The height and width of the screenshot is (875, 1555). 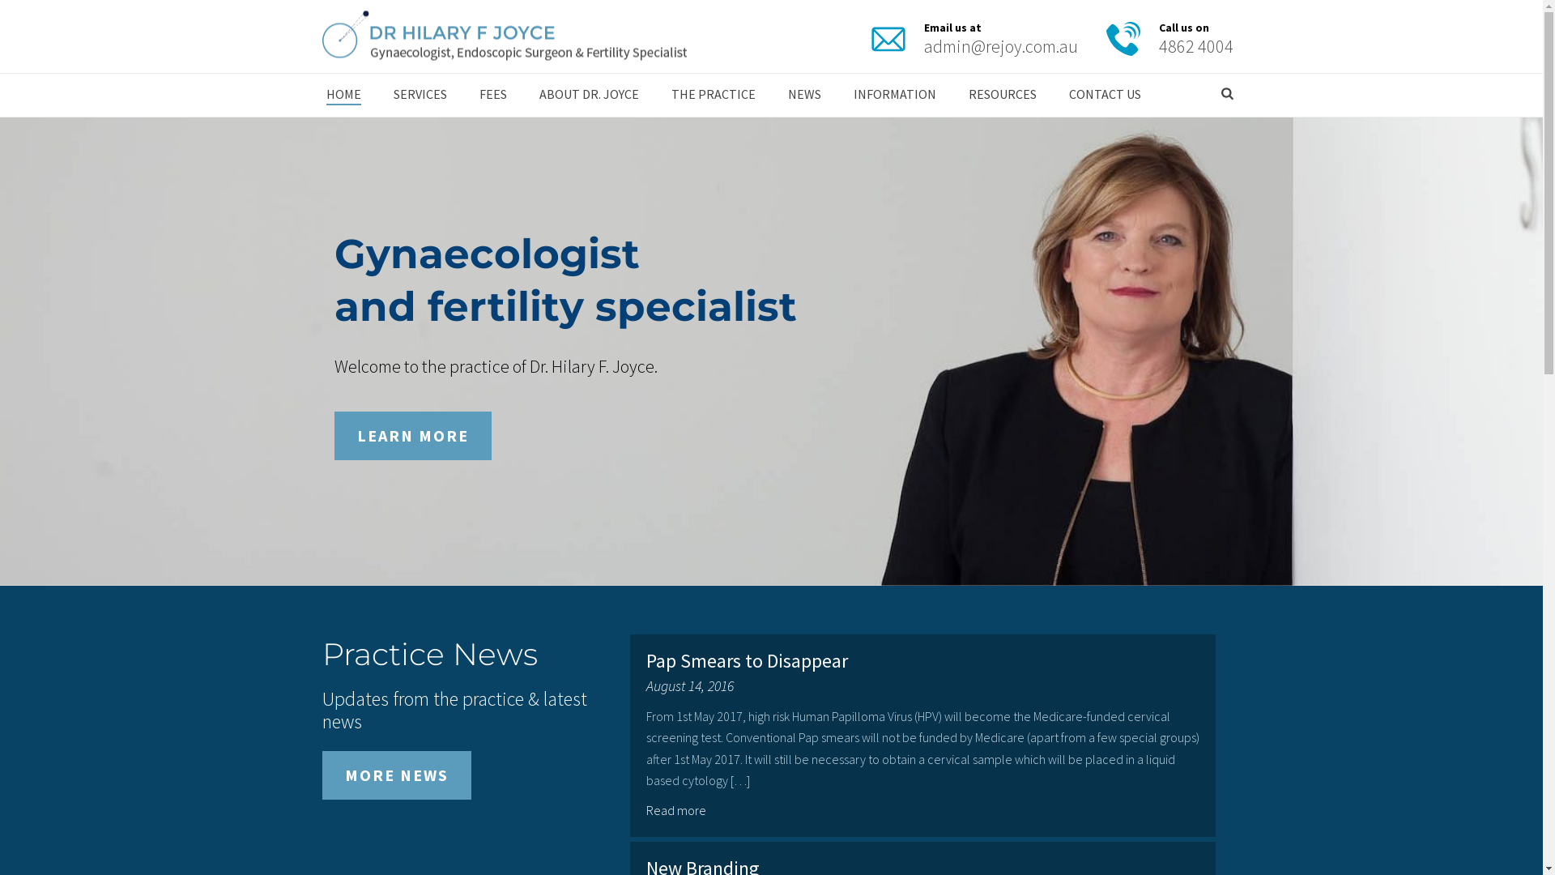 I want to click on 'HOME', so click(x=309, y=95).